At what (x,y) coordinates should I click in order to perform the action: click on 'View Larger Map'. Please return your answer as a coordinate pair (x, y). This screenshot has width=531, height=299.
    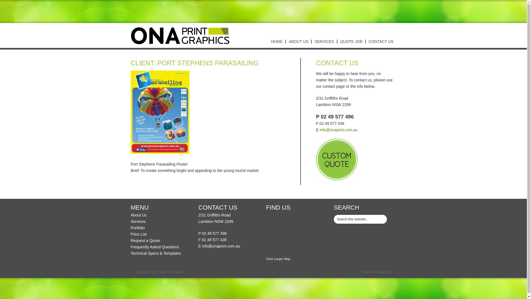
    Looking at the image, I should click on (278, 259).